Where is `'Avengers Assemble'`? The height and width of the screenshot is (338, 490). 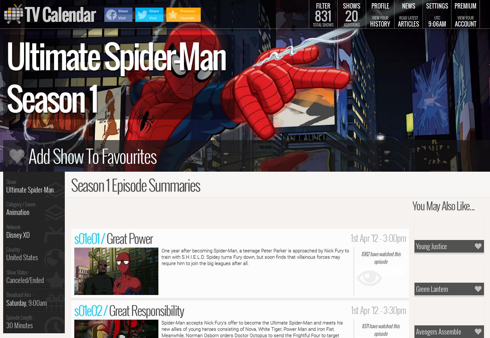
'Avengers Assemble' is located at coordinates (438, 331).